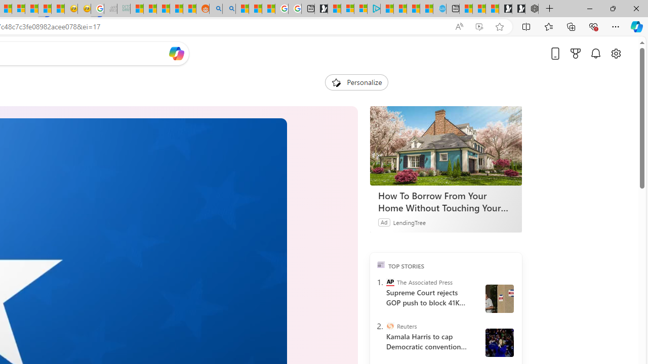  Describe the element at coordinates (389, 282) in the screenshot. I see `'The Associated Press'` at that location.